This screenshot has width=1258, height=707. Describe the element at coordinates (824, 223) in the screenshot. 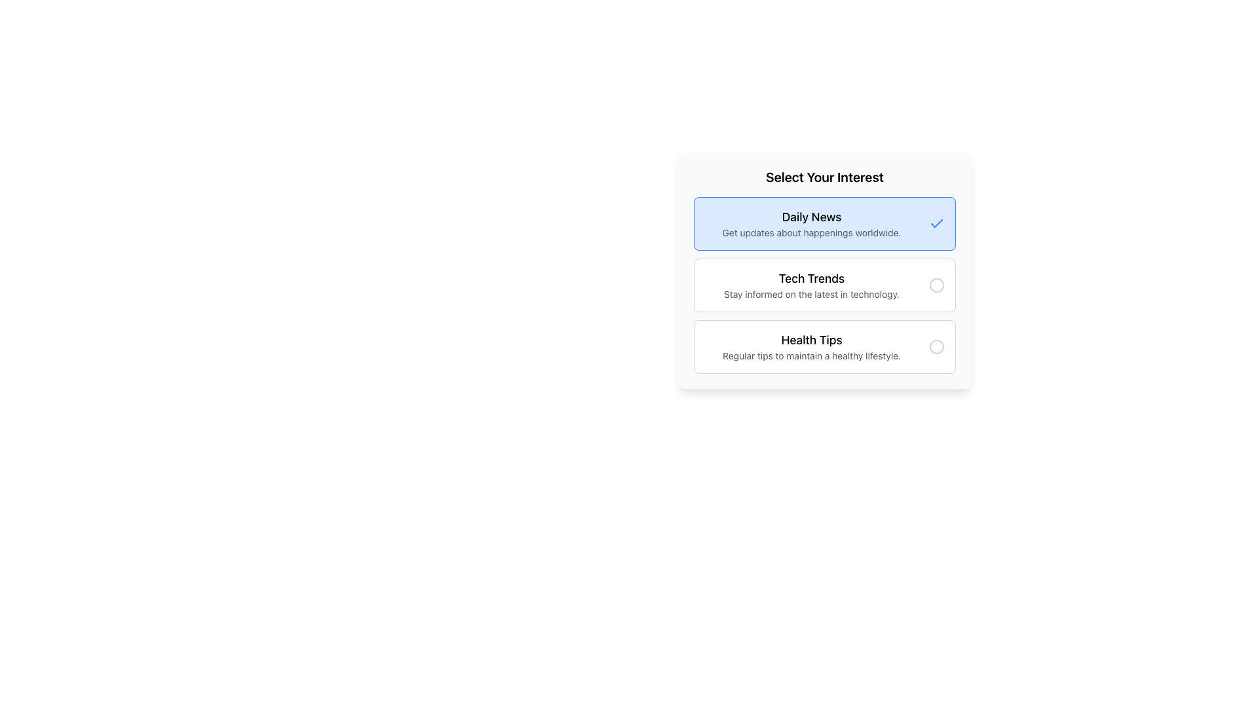

I see `the 'Daily News' selectable option block at the top of the list` at that location.